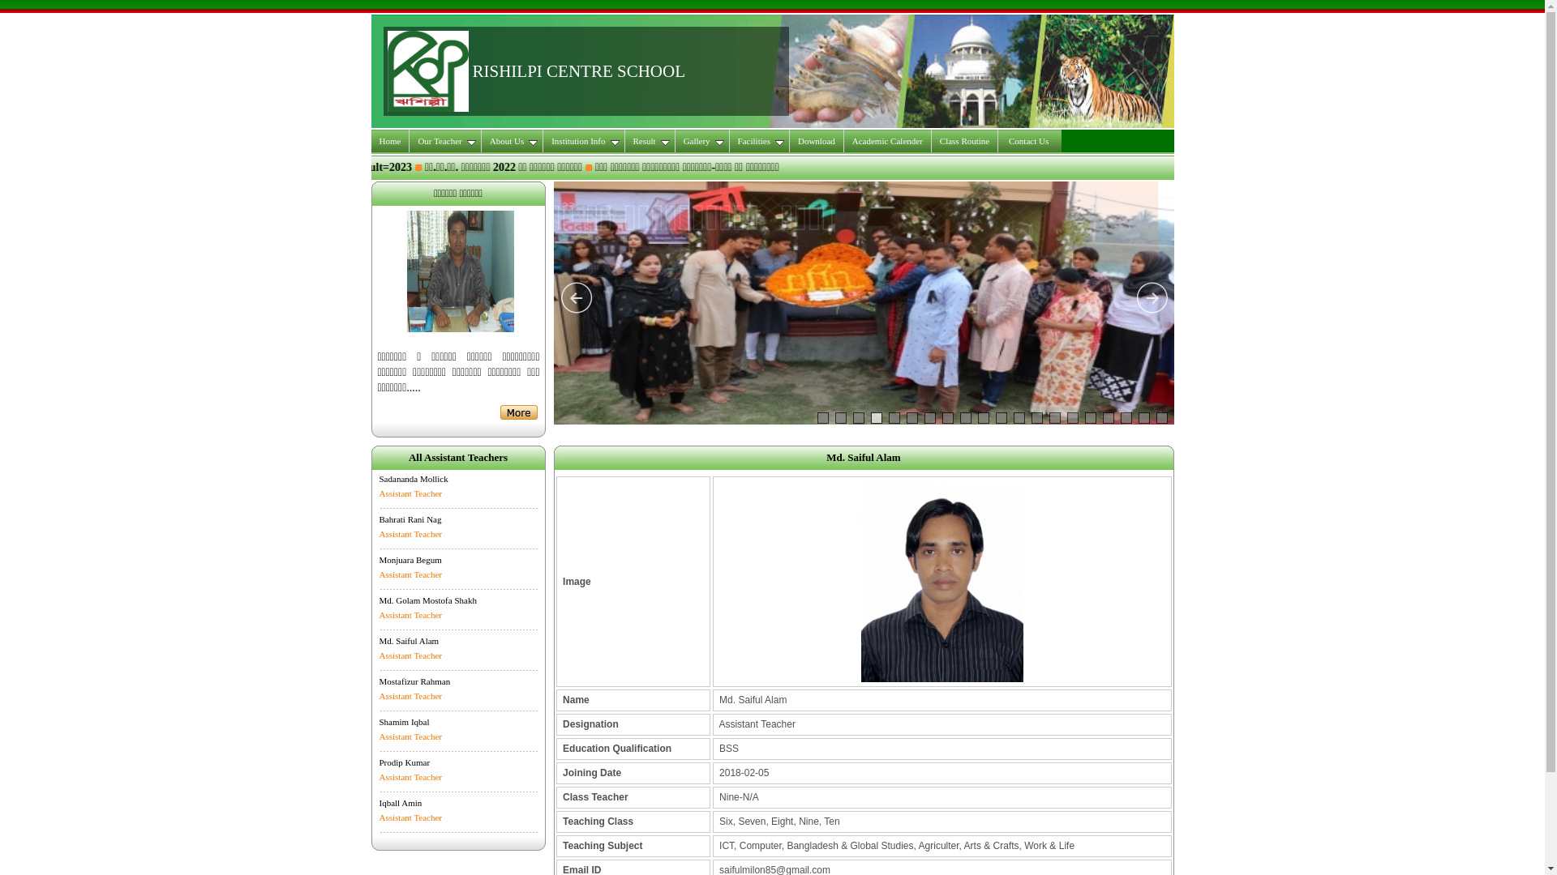 The image size is (1557, 875). What do you see at coordinates (405, 762) in the screenshot?
I see `'Prodip Kumar'` at bounding box center [405, 762].